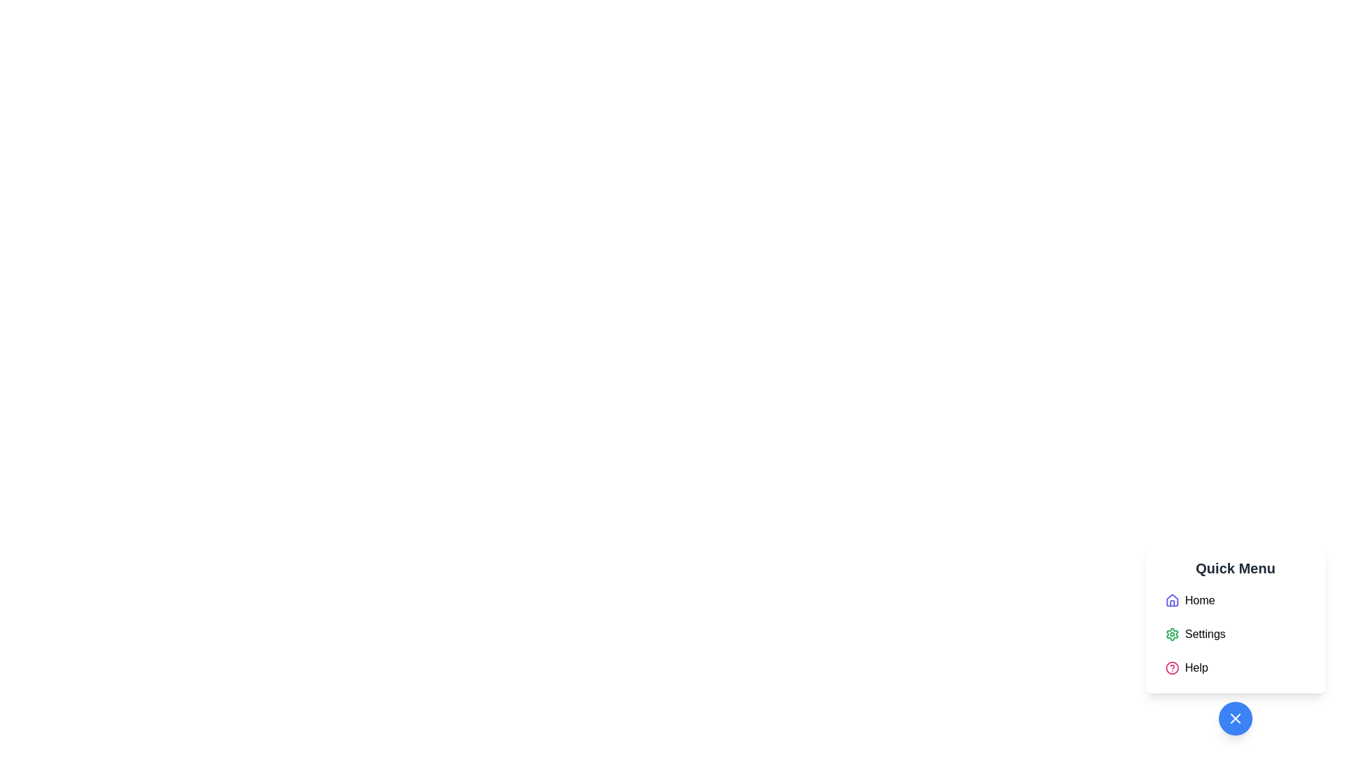 The height and width of the screenshot is (758, 1348). Describe the element at coordinates (1199, 600) in the screenshot. I see `the 'Home' text label` at that location.